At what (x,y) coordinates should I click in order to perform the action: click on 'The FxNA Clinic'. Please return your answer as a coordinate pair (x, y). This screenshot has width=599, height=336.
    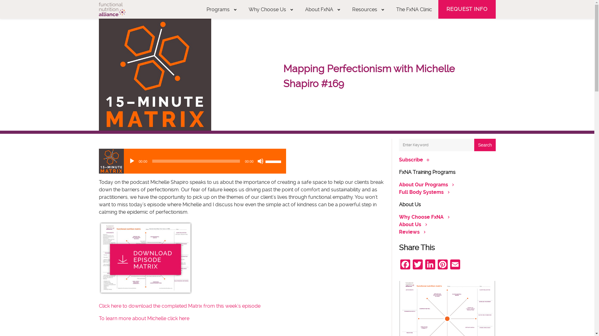
    Looking at the image, I should click on (414, 9).